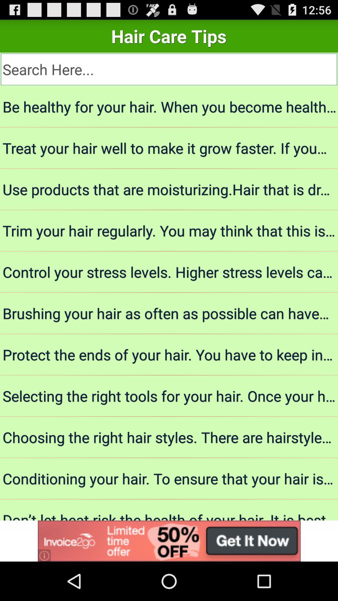 The image size is (338, 601). Describe the element at coordinates (169, 69) in the screenshot. I see `search term` at that location.